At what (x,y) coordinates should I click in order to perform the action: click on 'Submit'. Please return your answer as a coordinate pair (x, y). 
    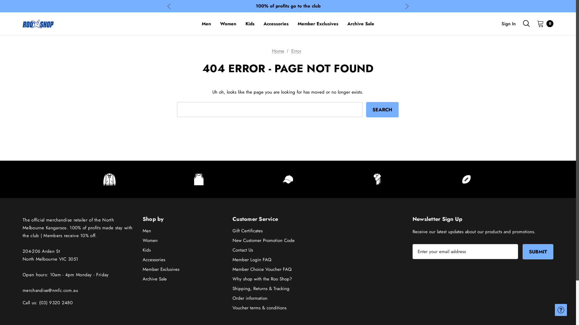
    Looking at the image, I should click on (538, 252).